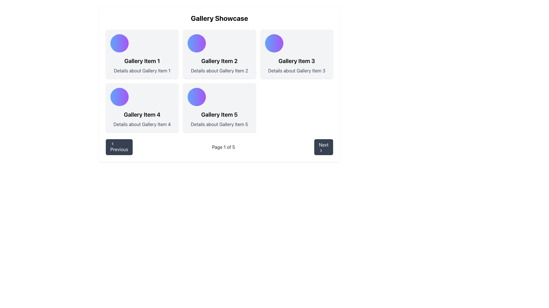 Image resolution: width=549 pixels, height=308 pixels. What do you see at coordinates (219, 124) in the screenshot?
I see `the static text that displays additional descriptive details about 'Gallery Item 5', positioned centrally at the bottom of the card` at bounding box center [219, 124].